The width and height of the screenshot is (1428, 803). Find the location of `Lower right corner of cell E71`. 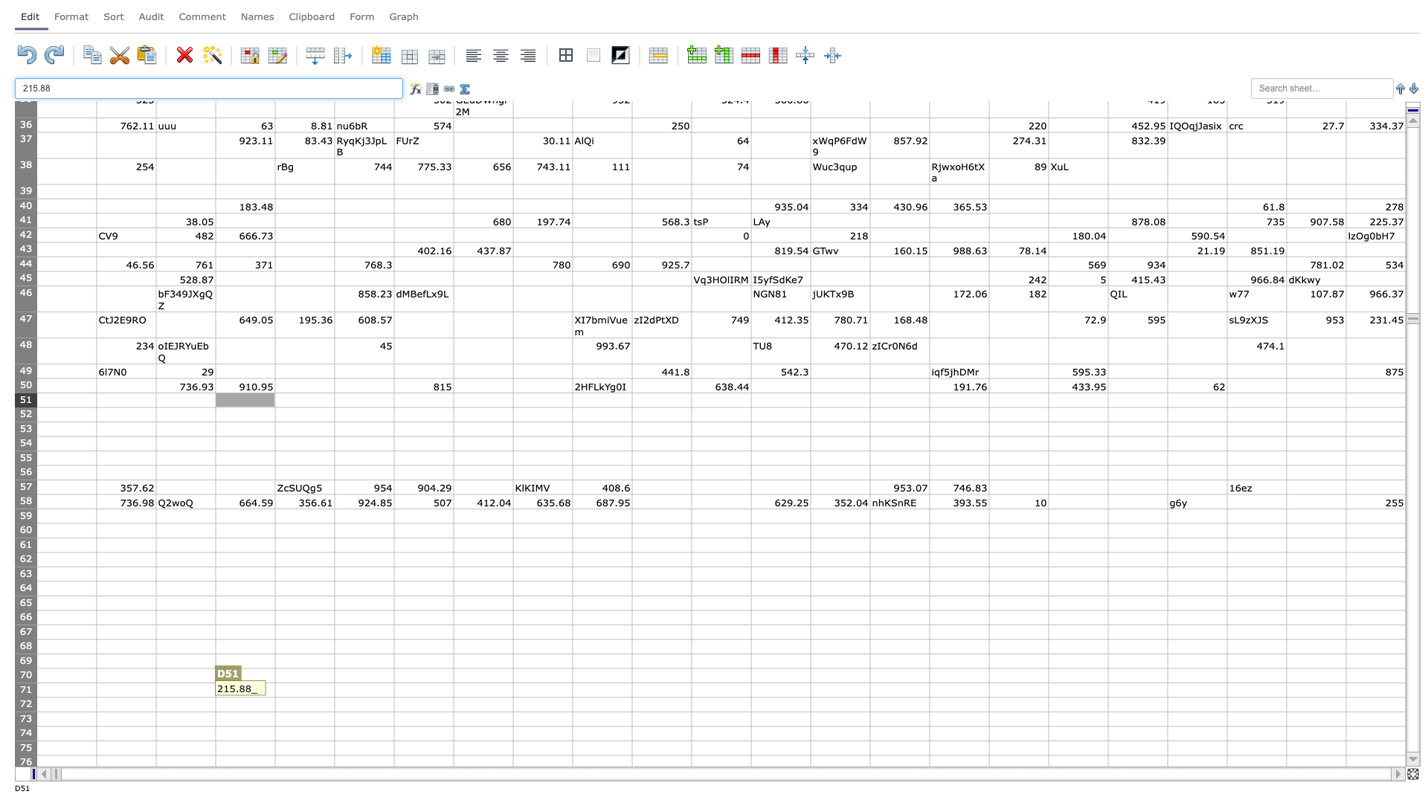

Lower right corner of cell E71 is located at coordinates (334, 697).